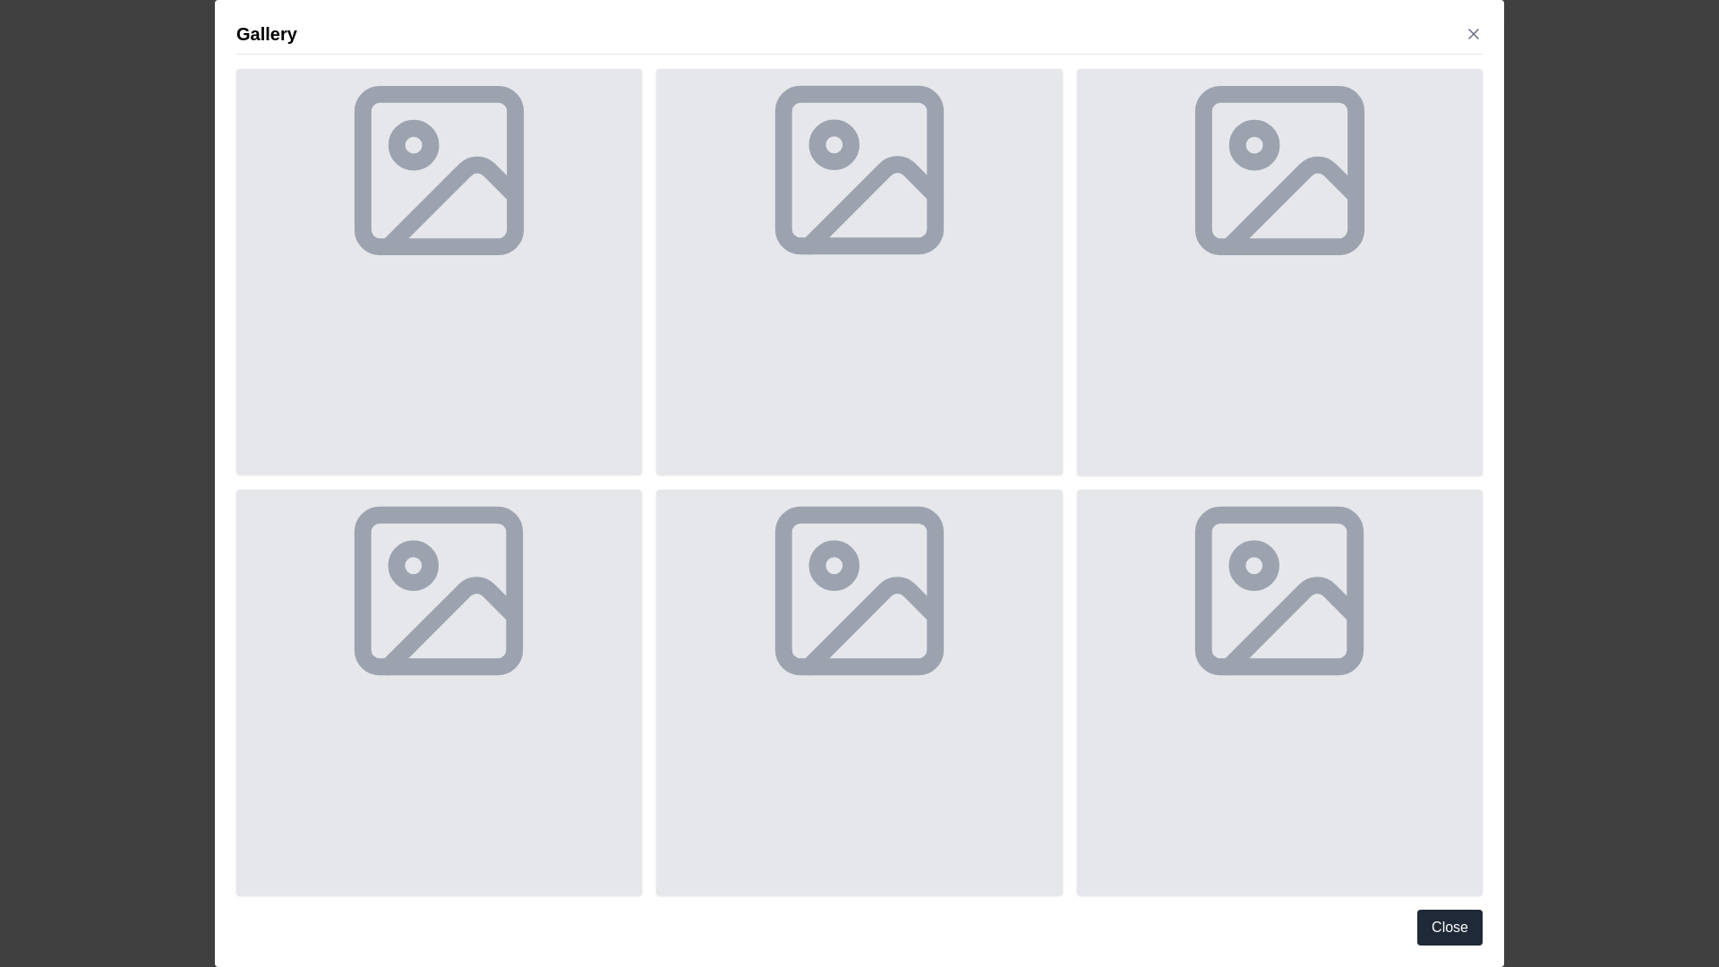 Image resolution: width=1719 pixels, height=967 pixels. I want to click on the close button located at the bottom-right corner of the modal window, so click(1450, 927).